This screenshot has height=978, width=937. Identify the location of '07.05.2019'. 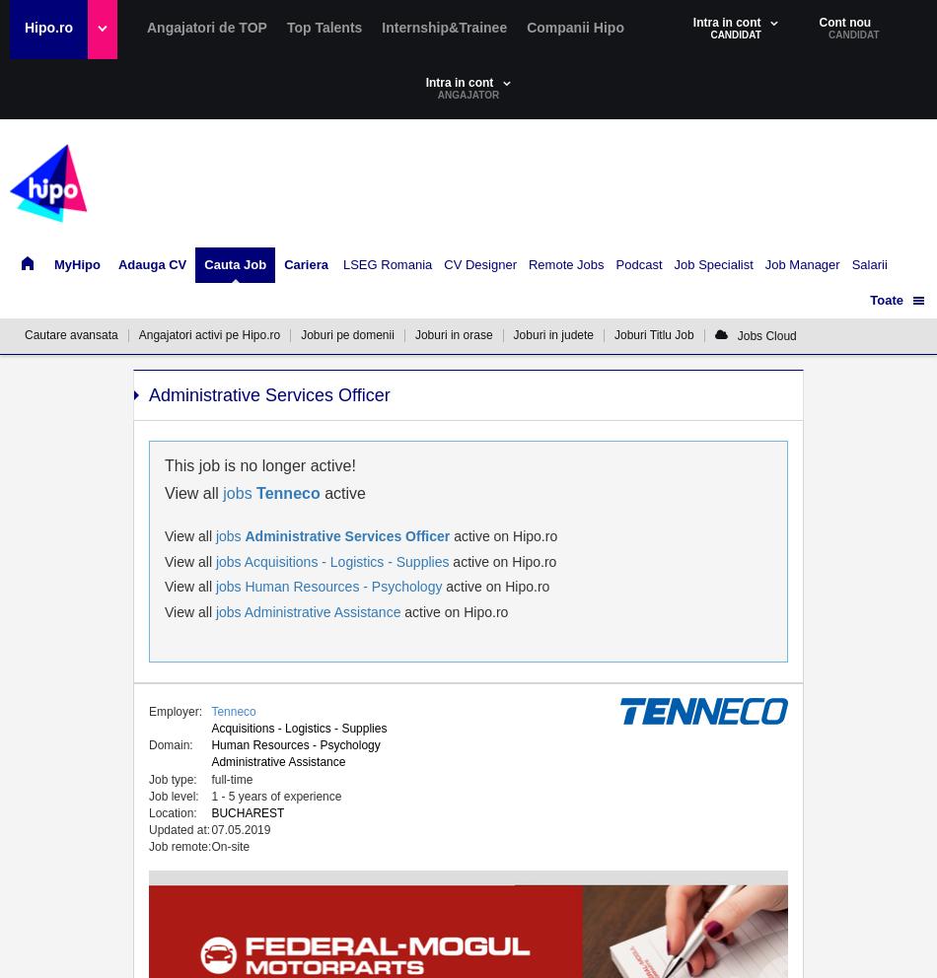
(239, 829).